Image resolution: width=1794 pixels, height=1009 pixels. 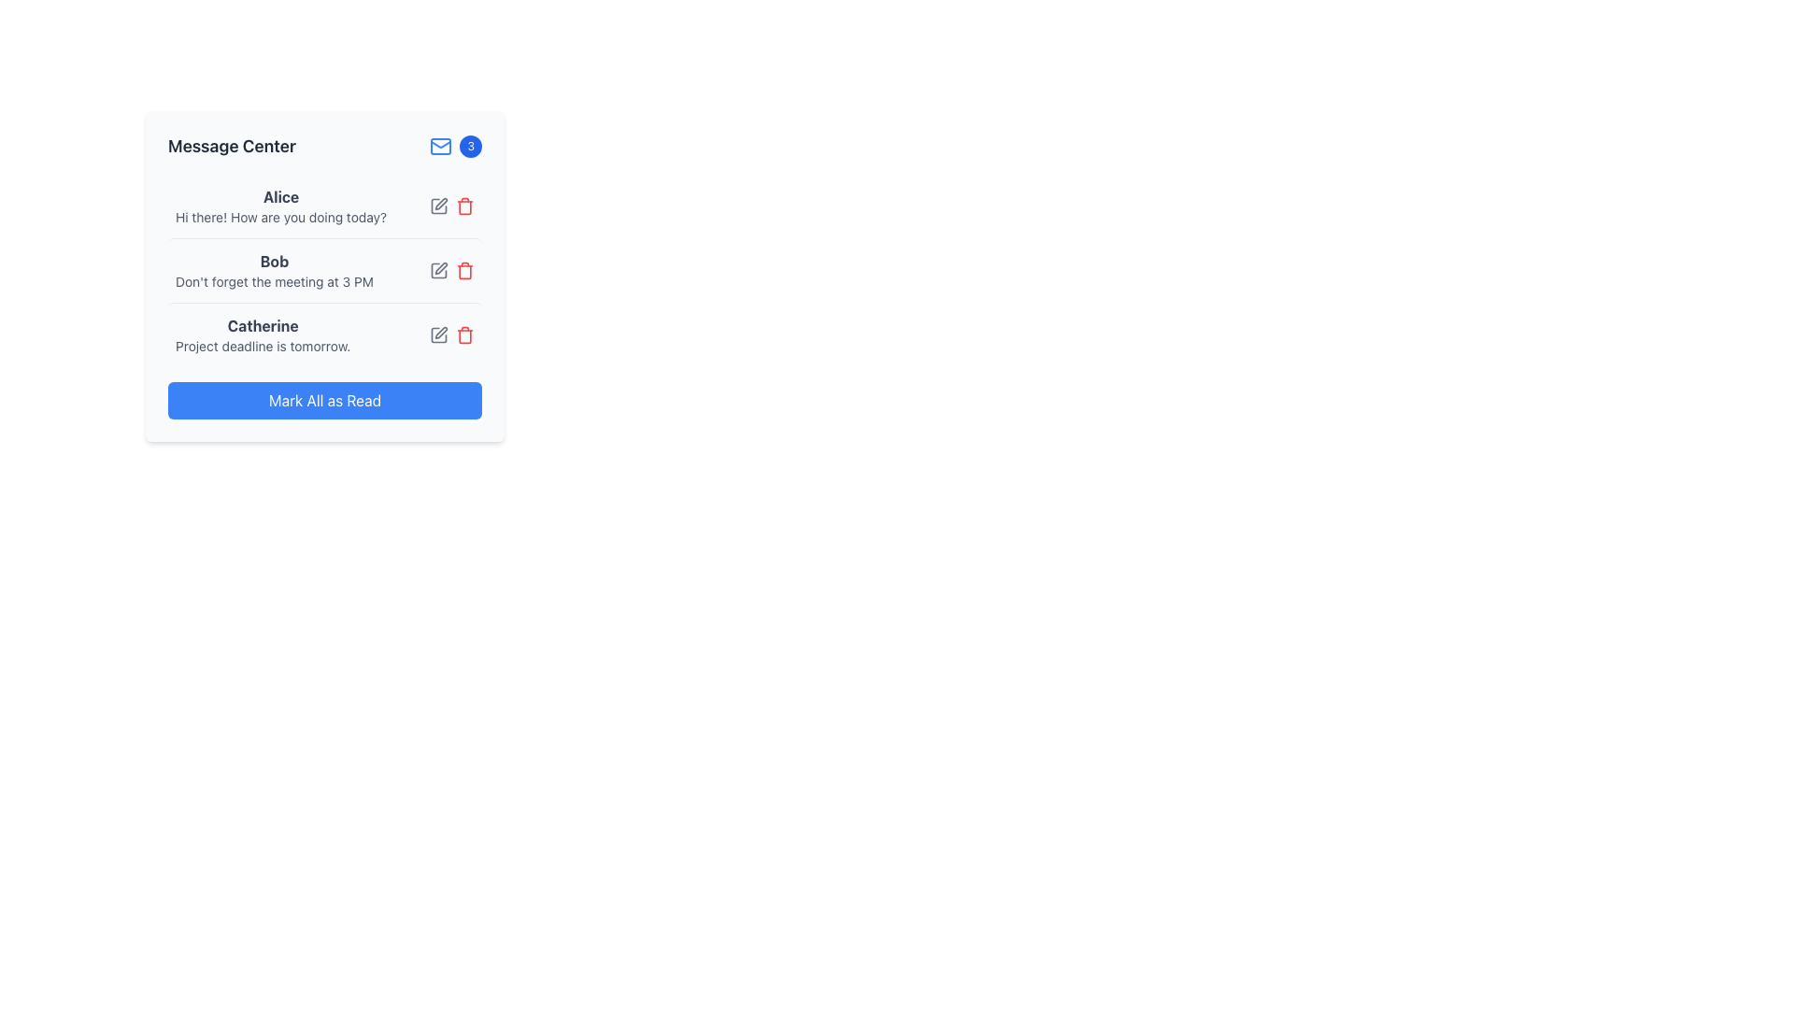 What do you see at coordinates (324, 399) in the screenshot?
I see `the blue rectangular button labeled 'Mark All as Read'` at bounding box center [324, 399].